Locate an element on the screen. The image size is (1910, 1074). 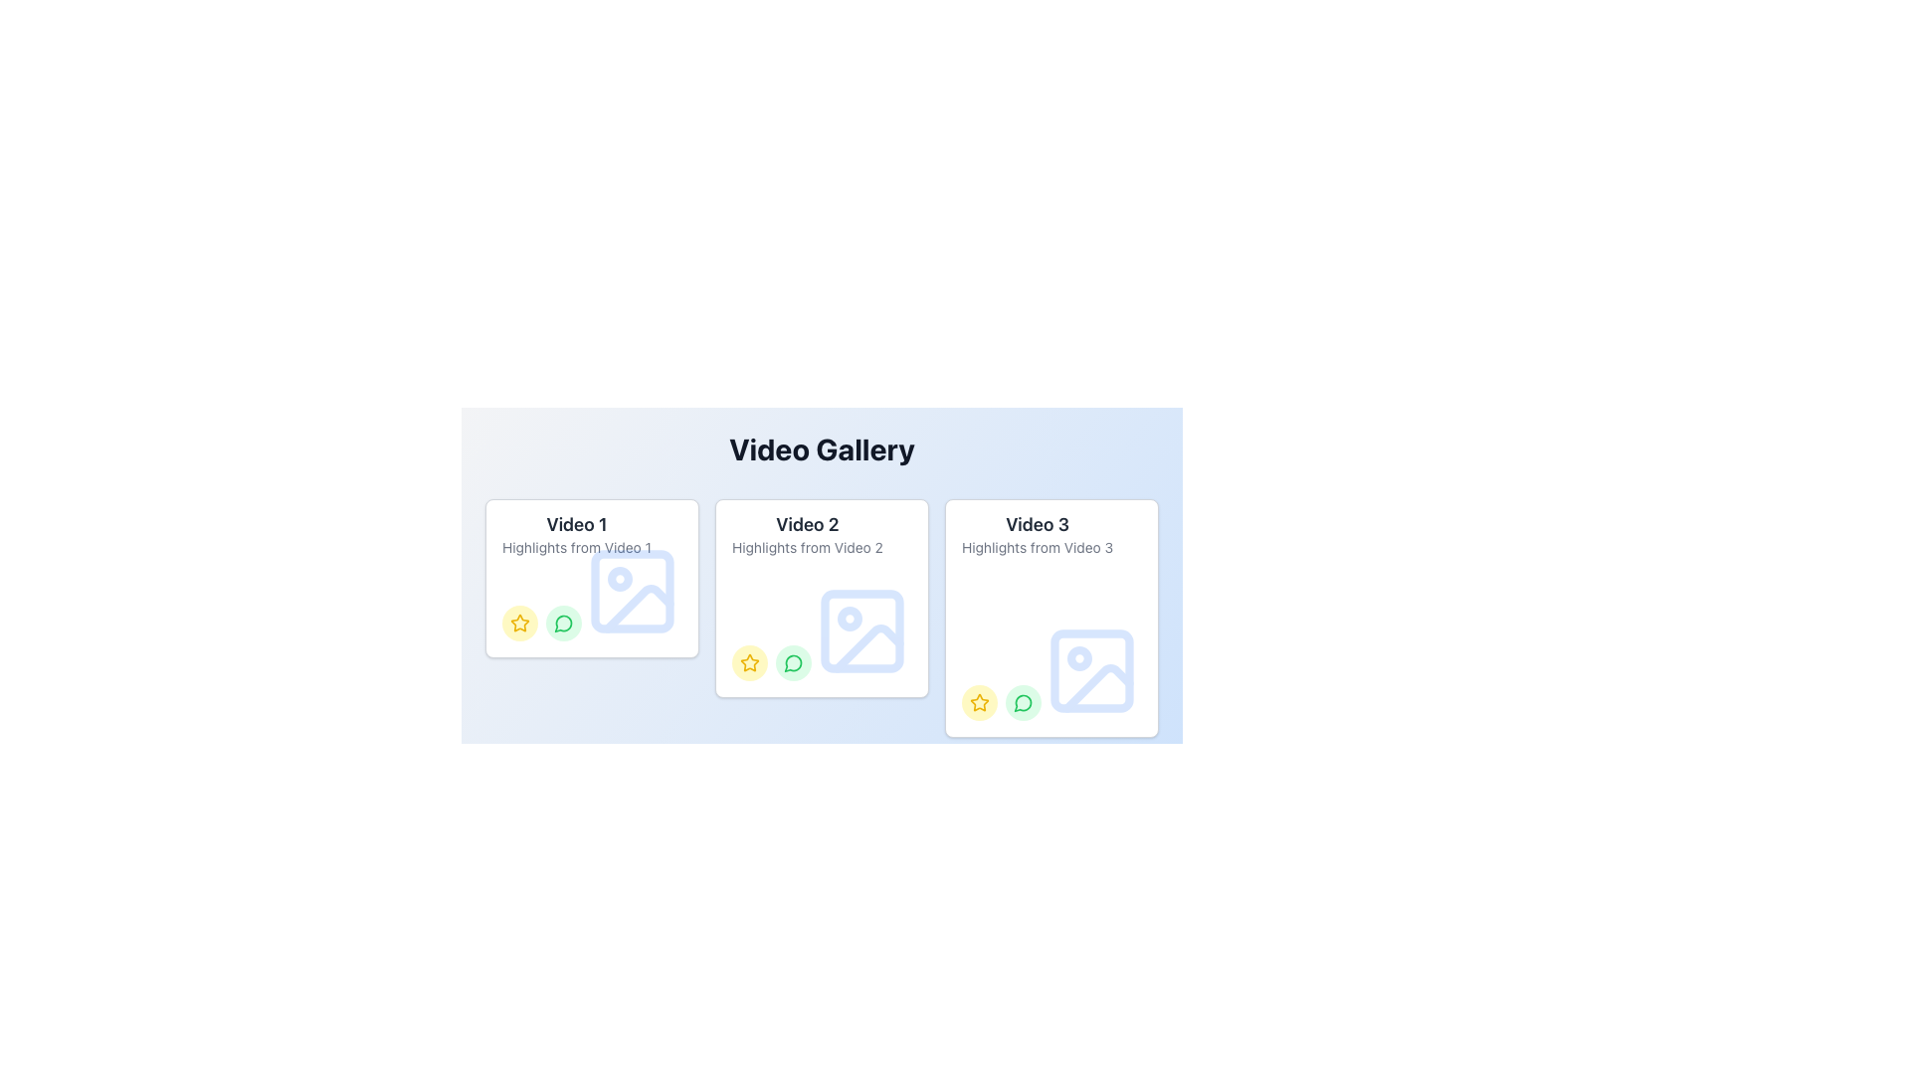
the circular green button with a speech bubble symbol located in the bottom-left section of the second card in a three-card layout is located at coordinates (792, 663).